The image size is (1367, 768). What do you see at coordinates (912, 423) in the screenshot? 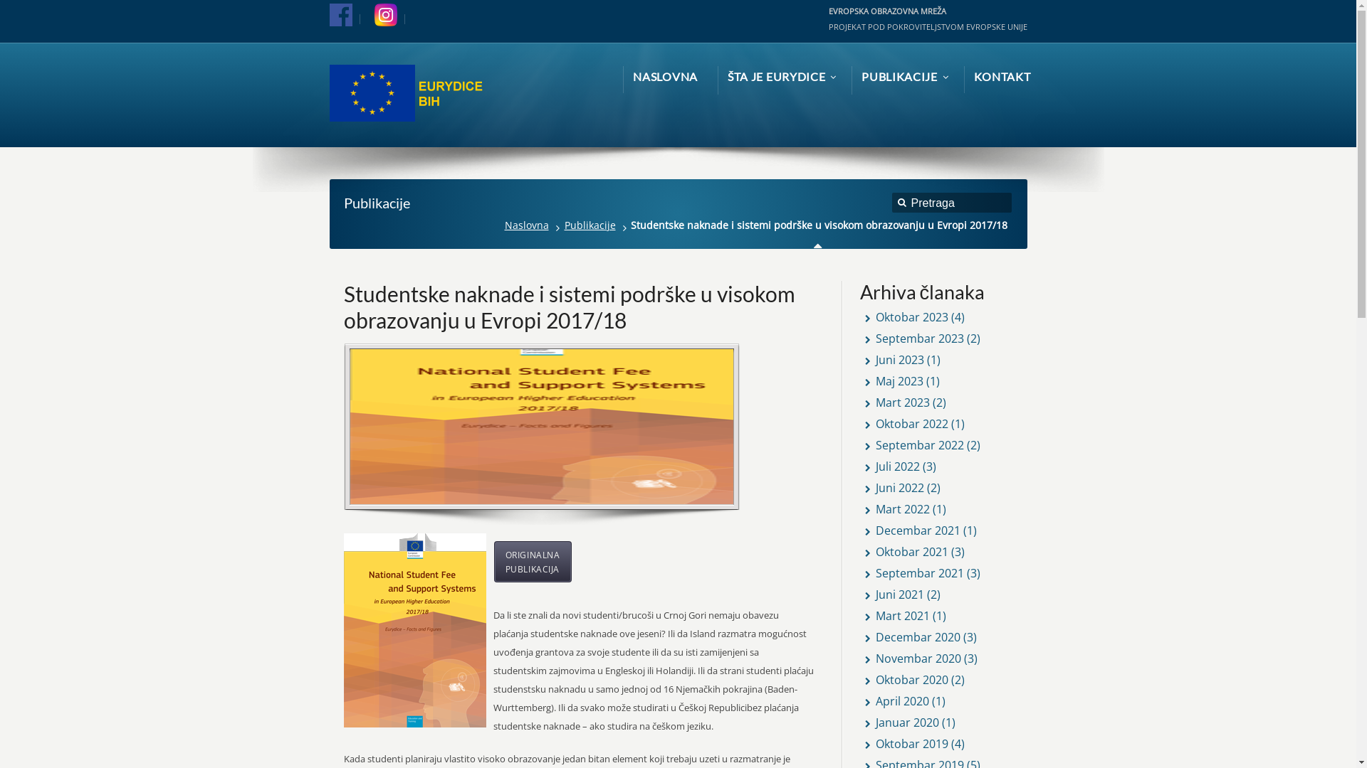
I see `'Oktobar 2022'` at bounding box center [912, 423].